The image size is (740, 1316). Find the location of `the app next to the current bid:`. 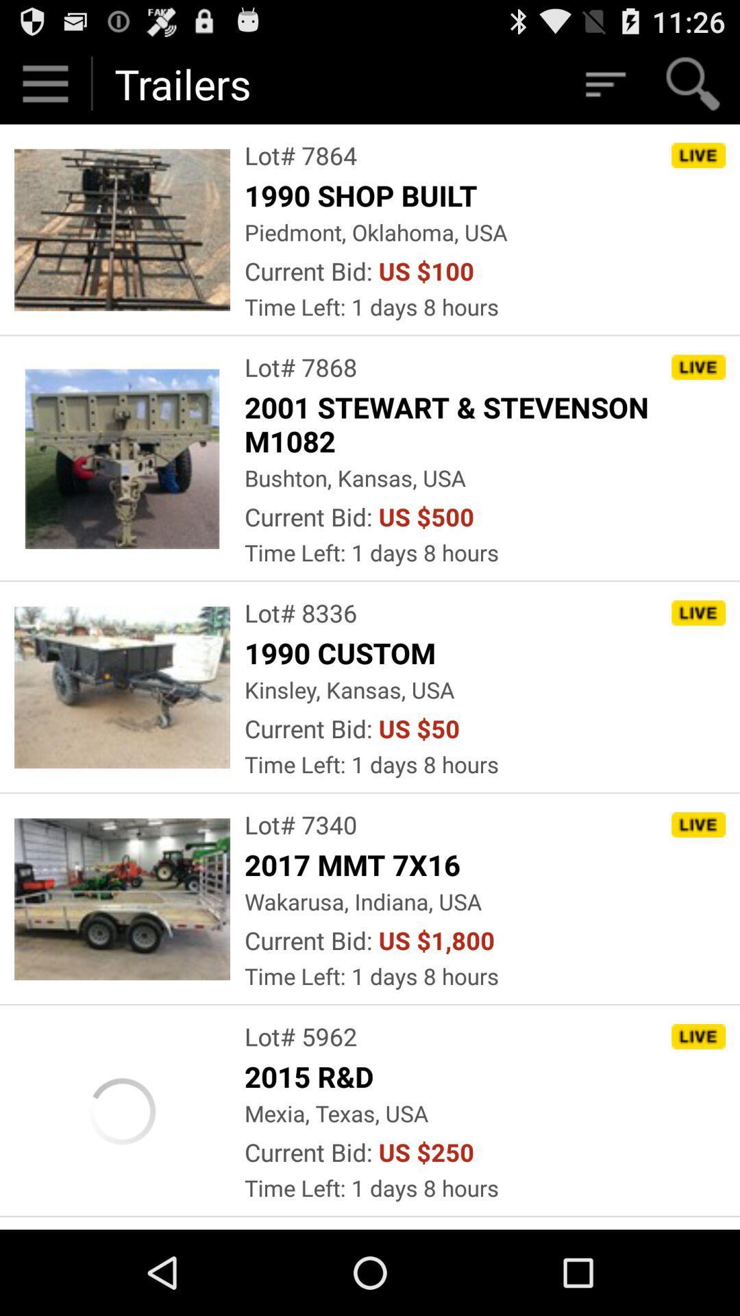

the app next to the current bid: is located at coordinates (436, 940).